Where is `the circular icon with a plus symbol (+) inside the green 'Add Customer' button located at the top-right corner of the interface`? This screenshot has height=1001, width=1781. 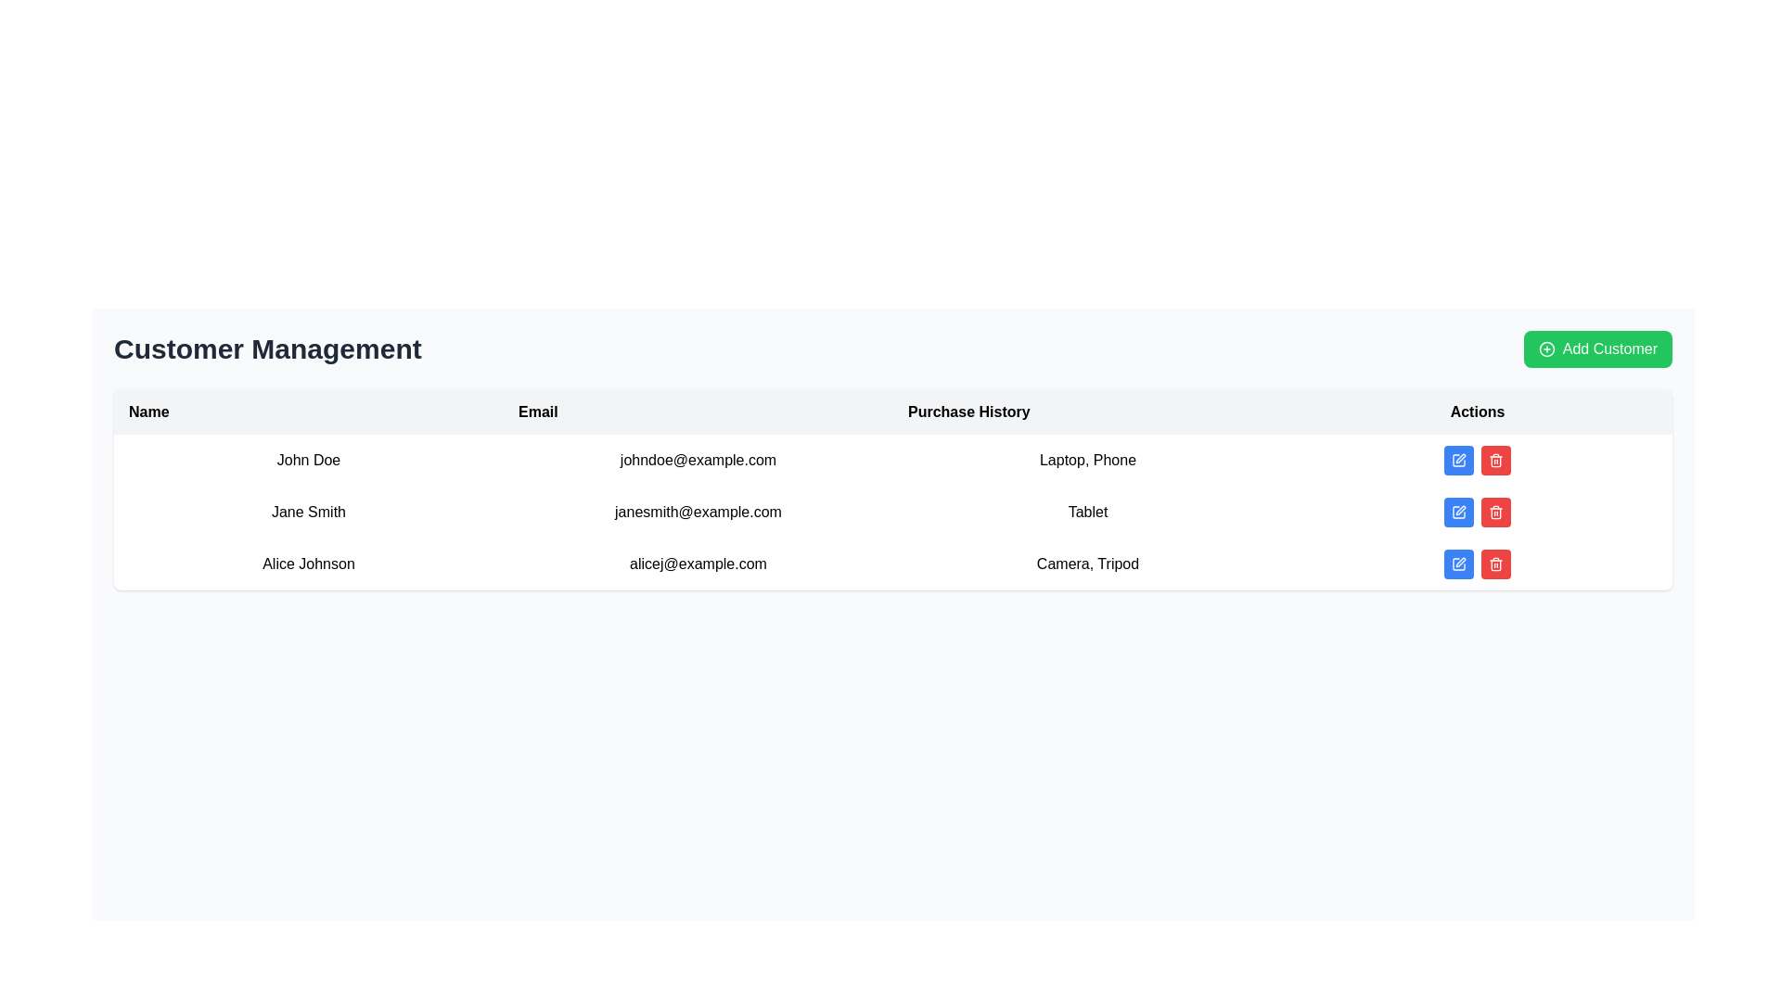
the circular icon with a plus symbol (+) inside the green 'Add Customer' button located at the top-right corner of the interface is located at coordinates (1546, 349).